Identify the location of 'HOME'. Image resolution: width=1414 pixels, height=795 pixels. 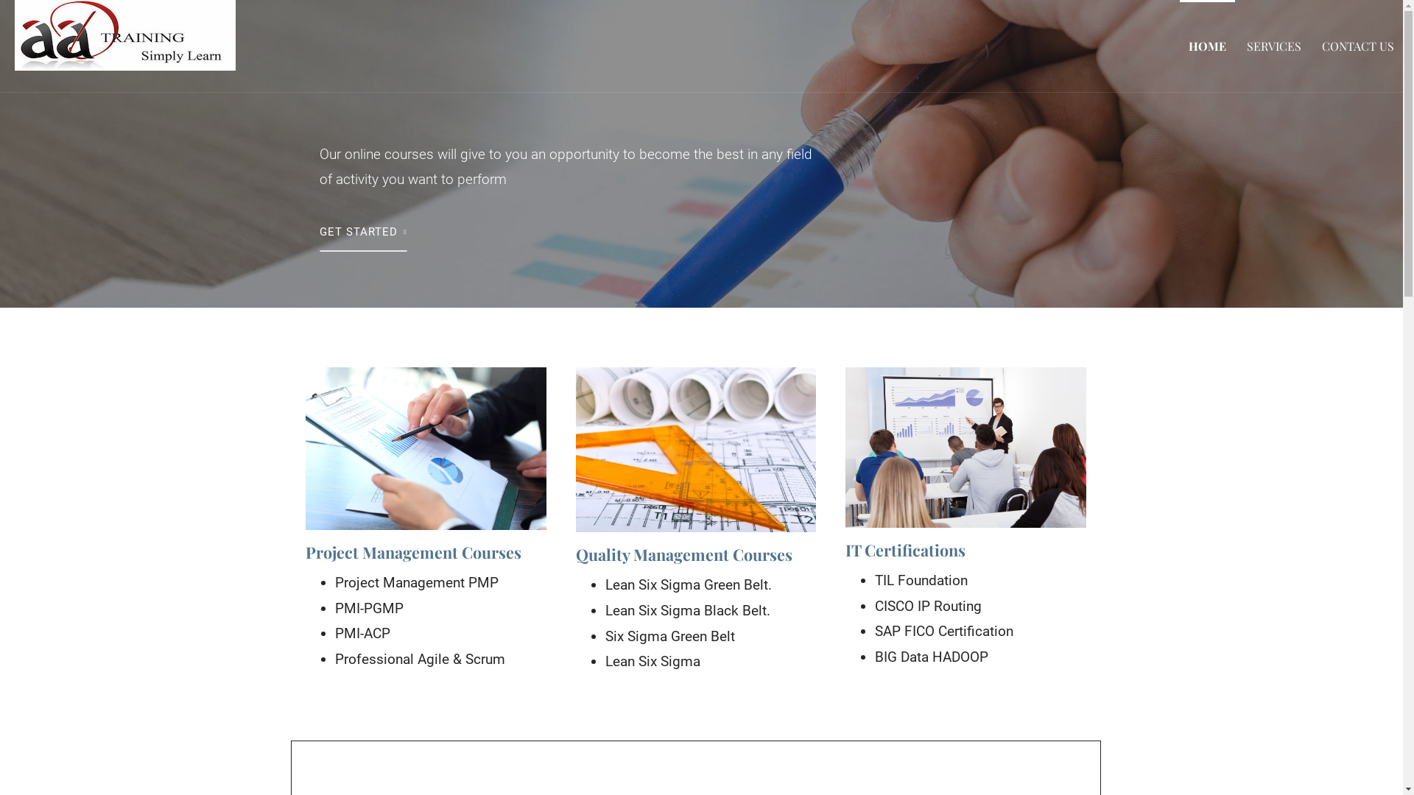
(1207, 45).